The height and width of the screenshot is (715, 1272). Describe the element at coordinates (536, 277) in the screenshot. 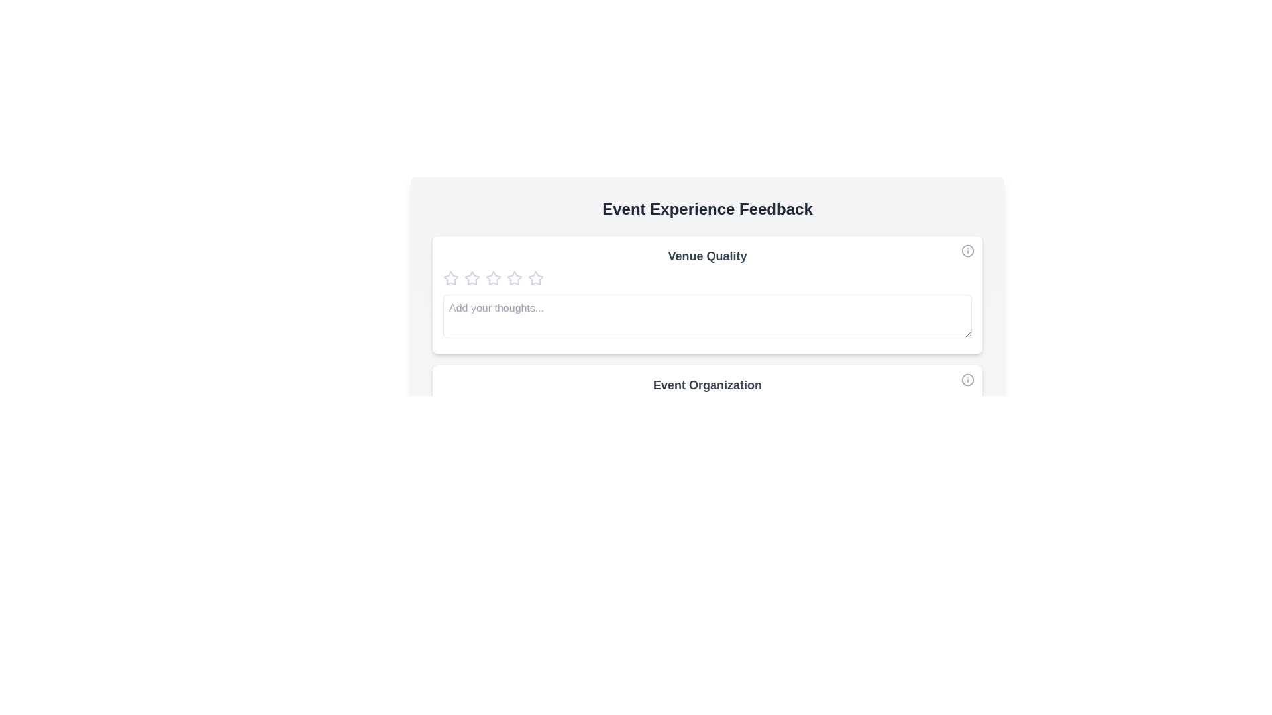

I see `the fifth star icon in the five-star rating system under the 'Venue Quality' section` at that location.